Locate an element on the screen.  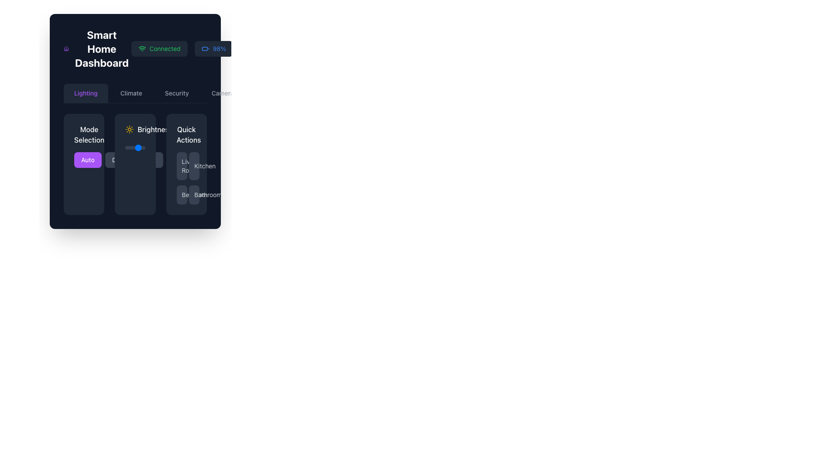
the 'Living Room' button located within the 'Quick Actions' widget, which has a dark gray background and rounded corners is located at coordinates (186, 164).